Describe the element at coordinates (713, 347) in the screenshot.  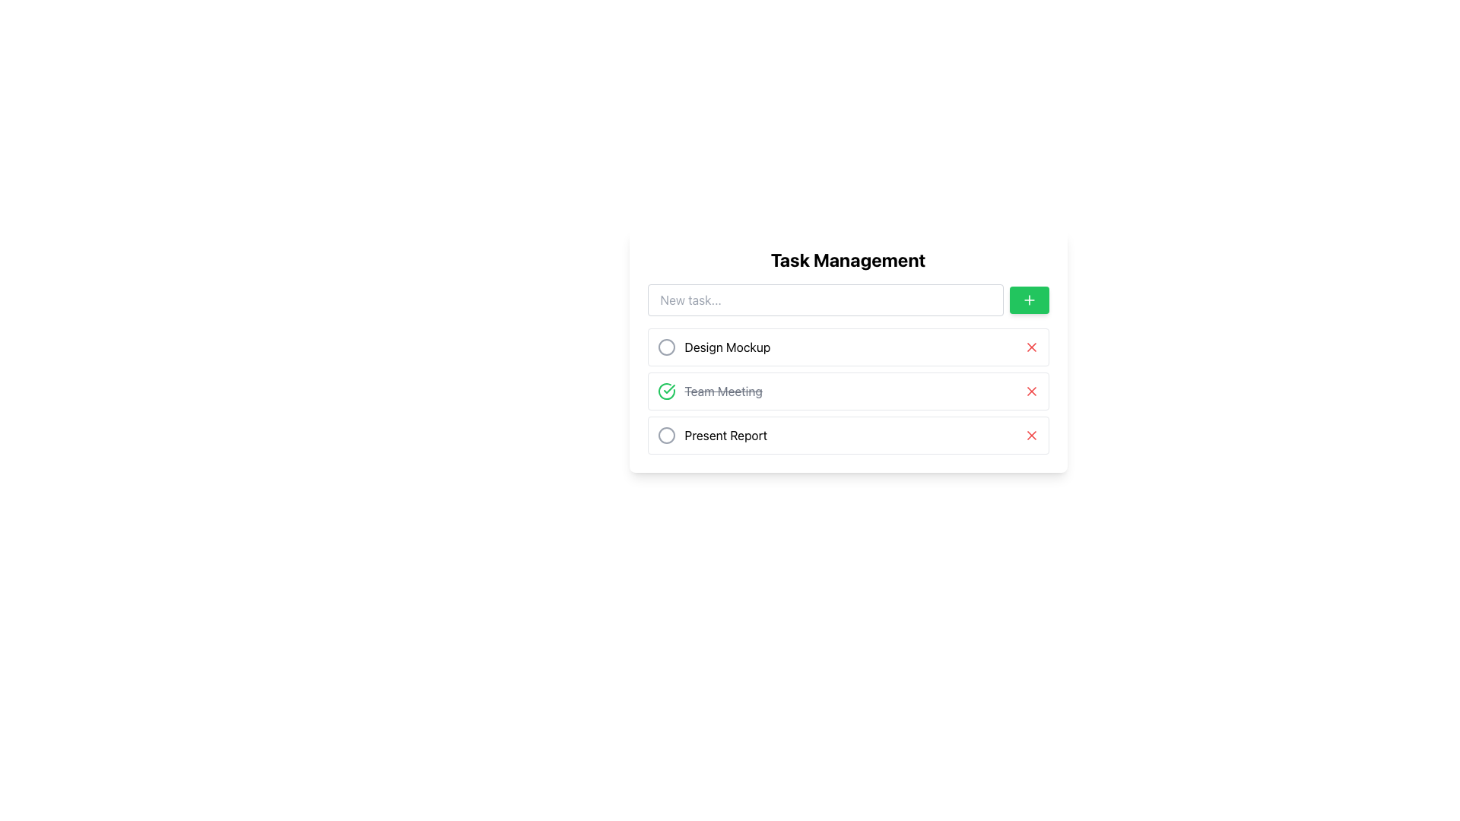
I see `the 'Design Mockup' task element, which is the first item under the 'Task Management' header` at that location.